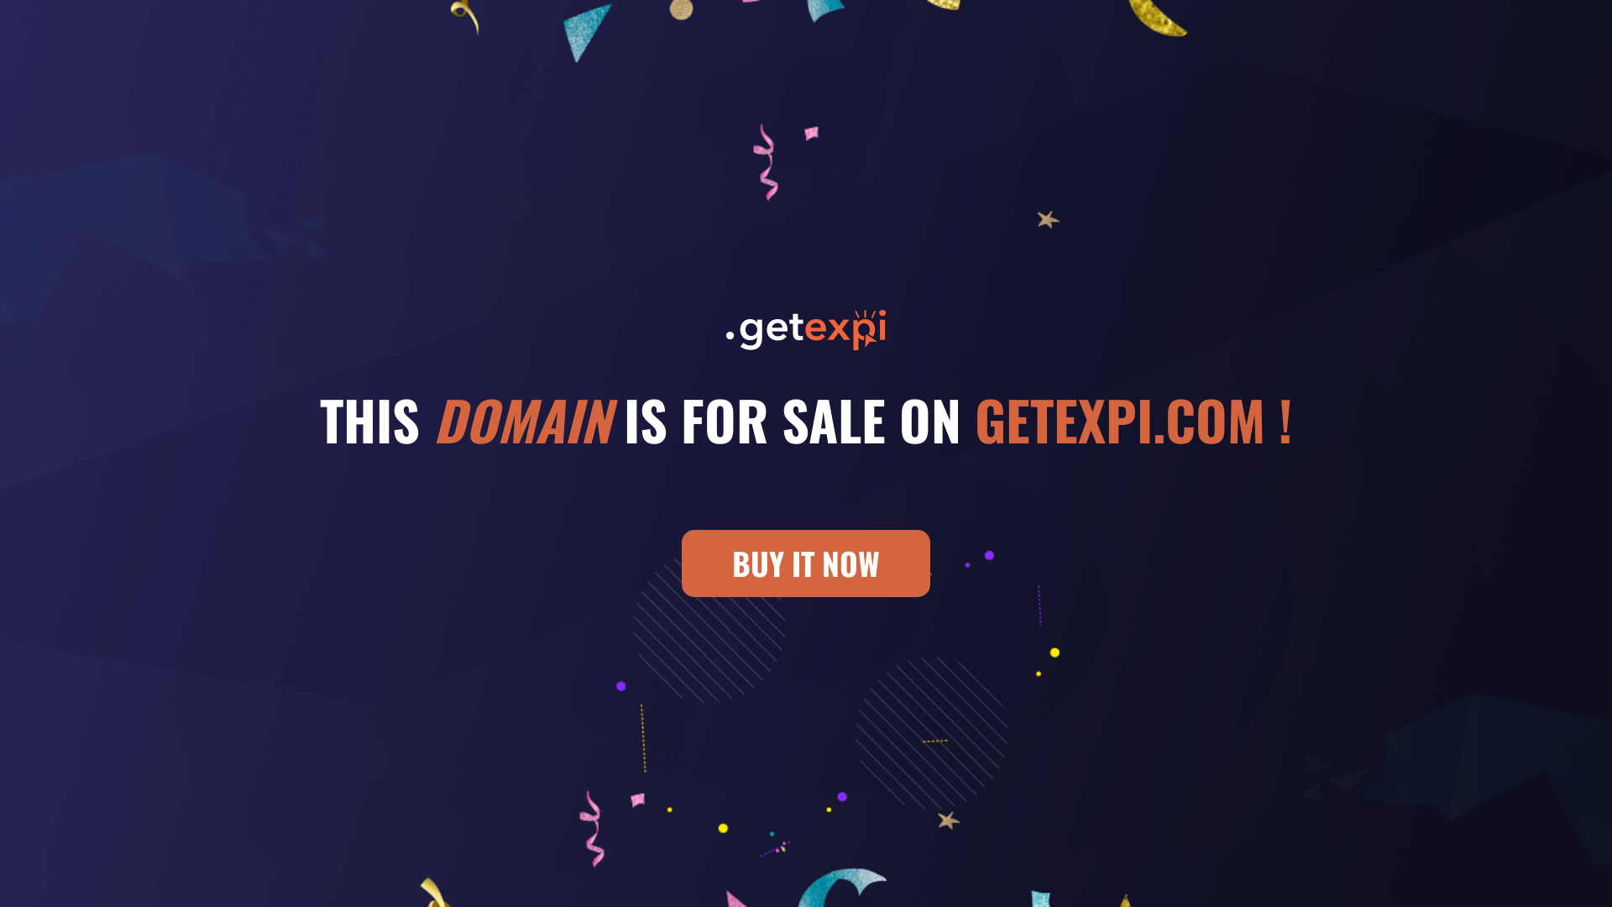 The width and height of the screenshot is (1612, 907). What do you see at coordinates (1133, 417) in the screenshot?
I see `'GETEXPI.COM !'` at bounding box center [1133, 417].